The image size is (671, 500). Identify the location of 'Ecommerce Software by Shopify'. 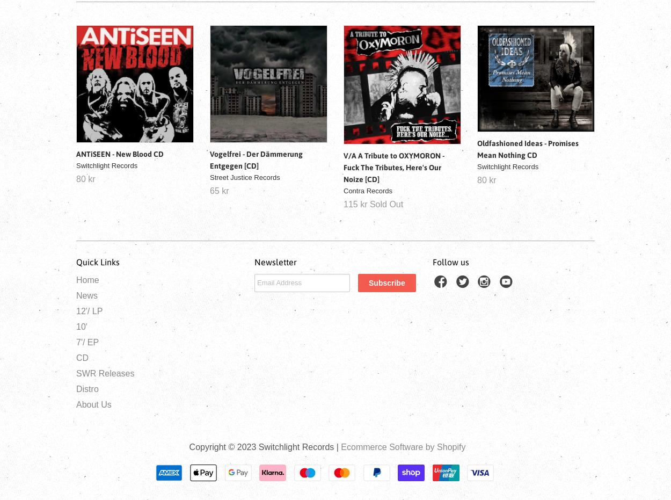
(403, 446).